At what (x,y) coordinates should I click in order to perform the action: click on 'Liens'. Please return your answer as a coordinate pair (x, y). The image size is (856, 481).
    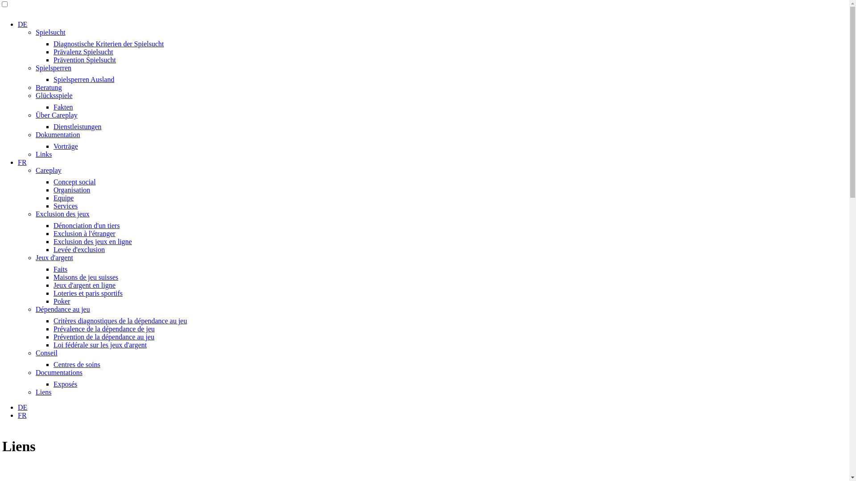
    Looking at the image, I should click on (43, 391).